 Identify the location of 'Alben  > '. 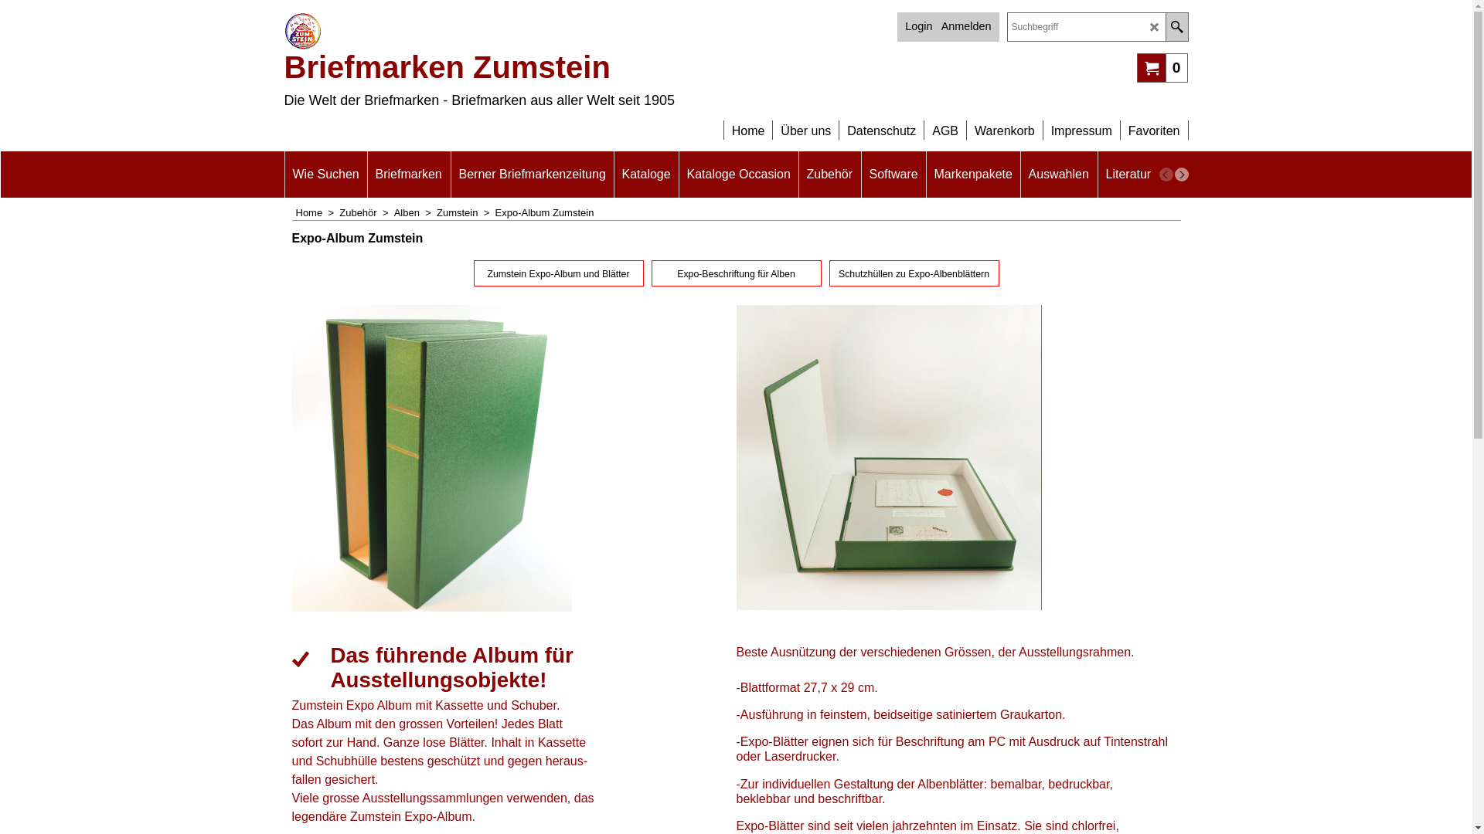
(415, 212).